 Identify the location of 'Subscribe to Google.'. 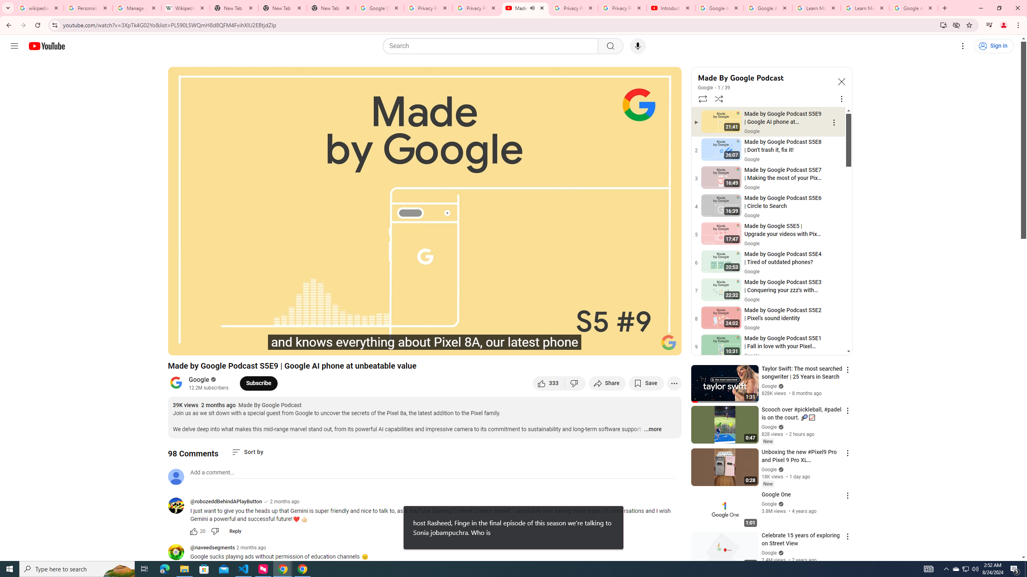
(258, 383).